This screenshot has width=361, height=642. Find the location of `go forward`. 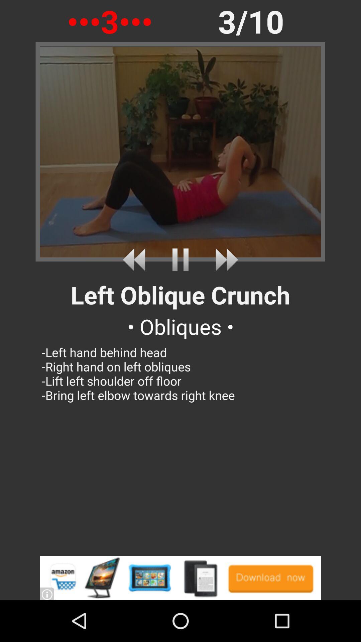

go forward is located at coordinates (224, 259).